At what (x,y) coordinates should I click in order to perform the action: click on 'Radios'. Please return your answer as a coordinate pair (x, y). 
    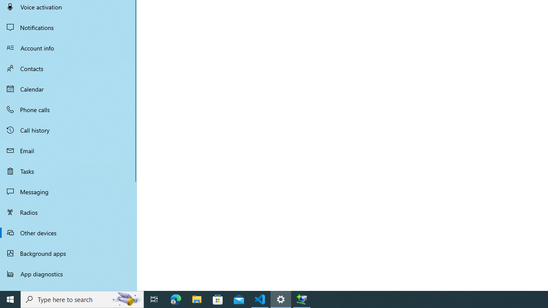
    Looking at the image, I should click on (68, 212).